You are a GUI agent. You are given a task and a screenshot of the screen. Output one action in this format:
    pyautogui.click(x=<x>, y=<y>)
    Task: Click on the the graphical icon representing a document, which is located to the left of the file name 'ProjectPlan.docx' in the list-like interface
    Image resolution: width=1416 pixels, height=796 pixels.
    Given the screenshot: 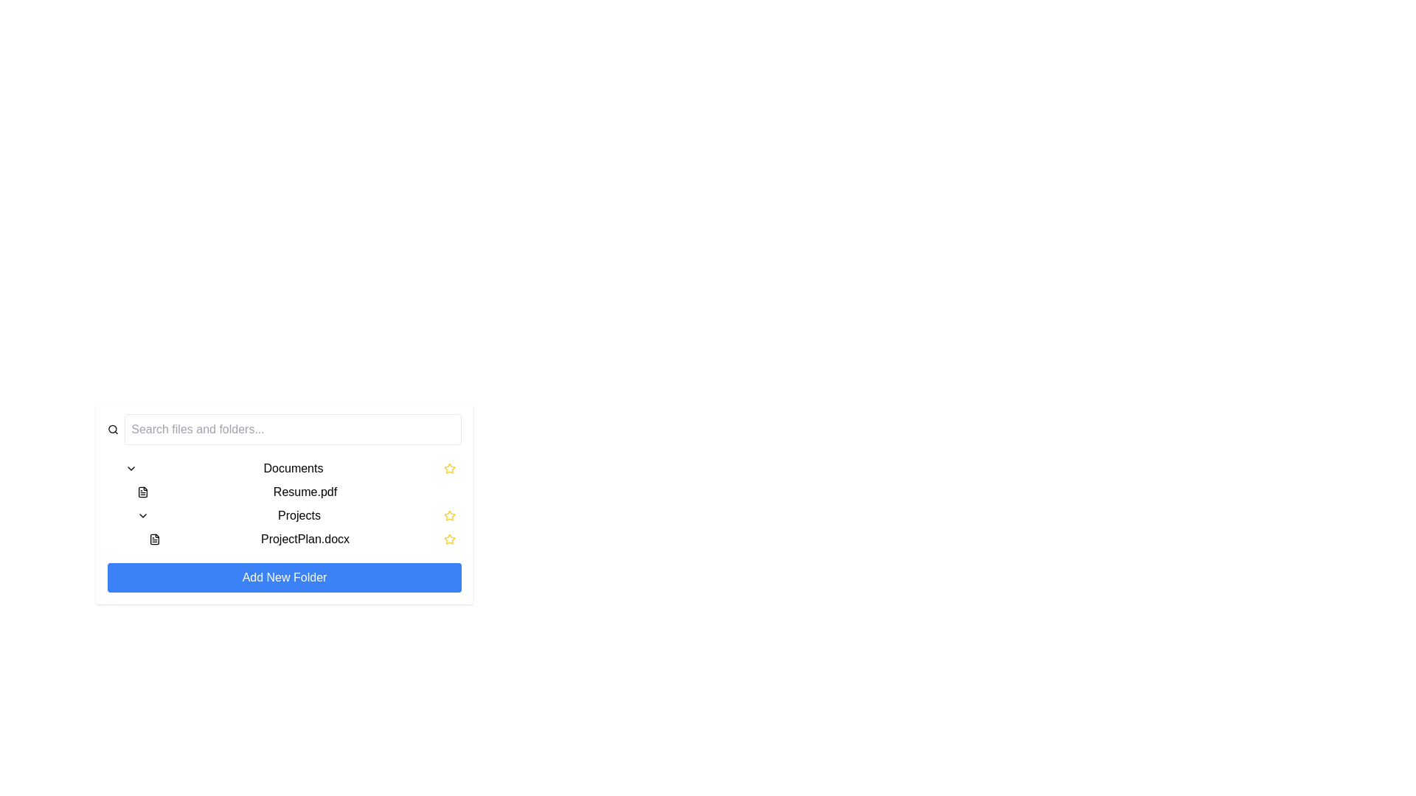 What is the action you would take?
    pyautogui.click(x=155, y=540)
    